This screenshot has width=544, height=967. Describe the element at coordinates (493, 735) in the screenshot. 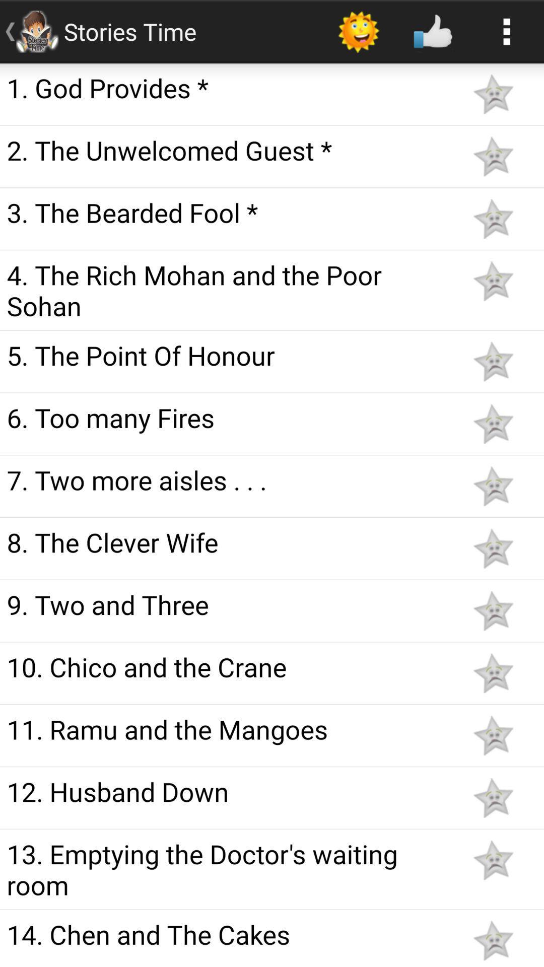

I see `include favorites` at that location.